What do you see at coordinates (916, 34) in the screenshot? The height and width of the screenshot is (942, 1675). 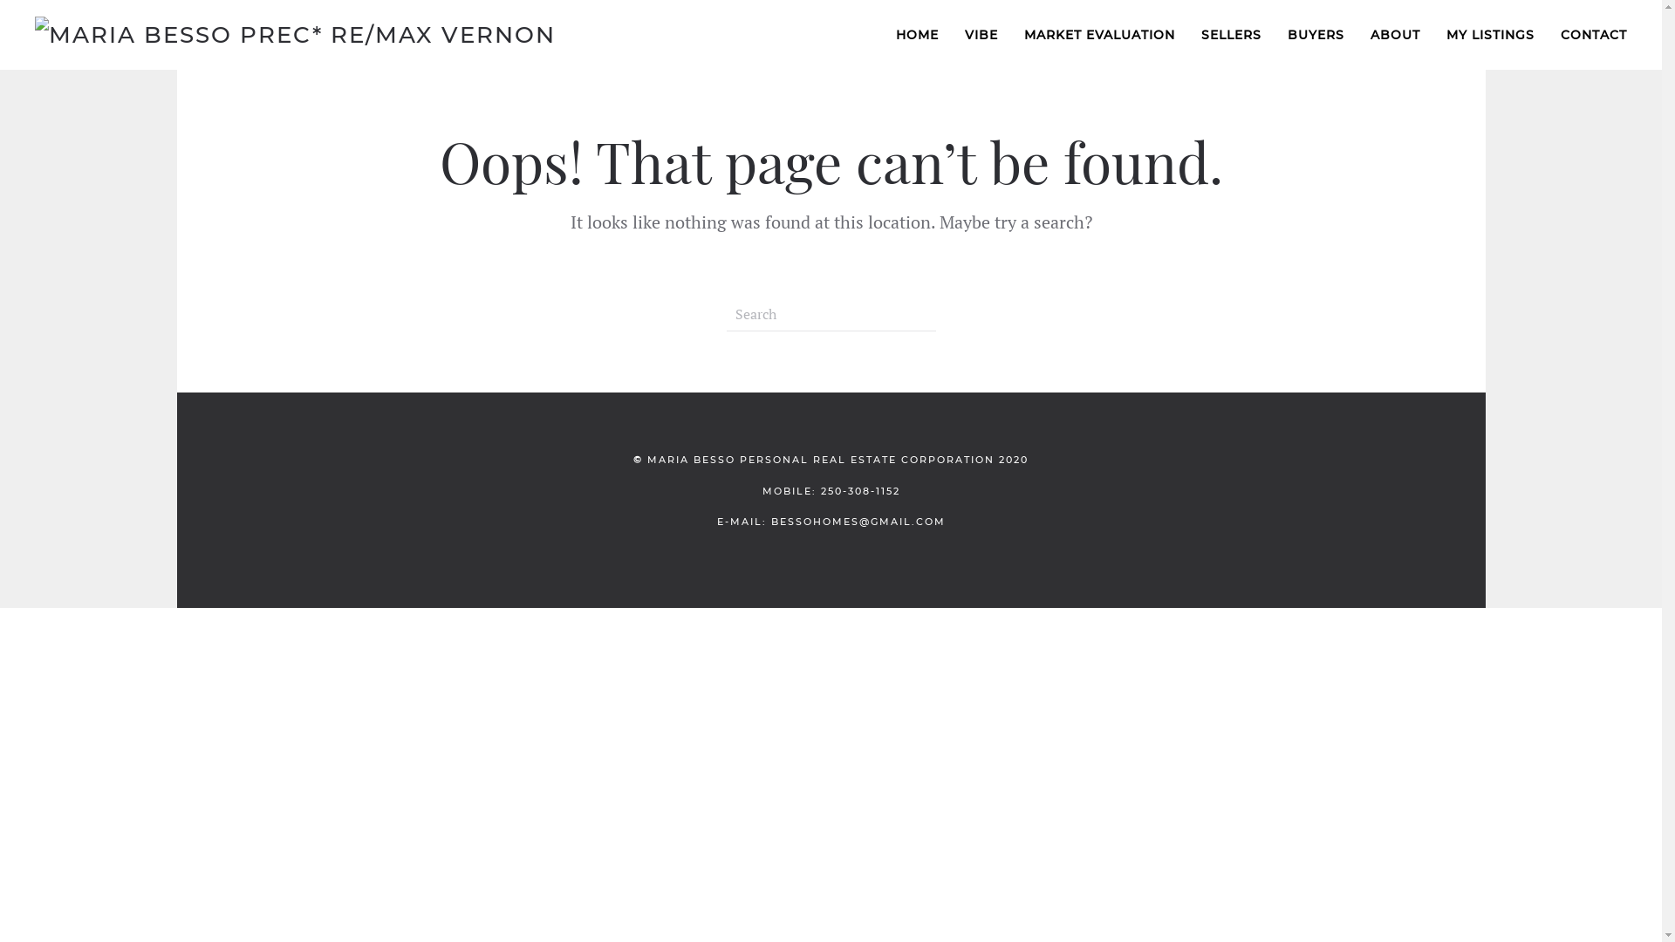 I see `'HOME'` at bounding box center [916, 34].